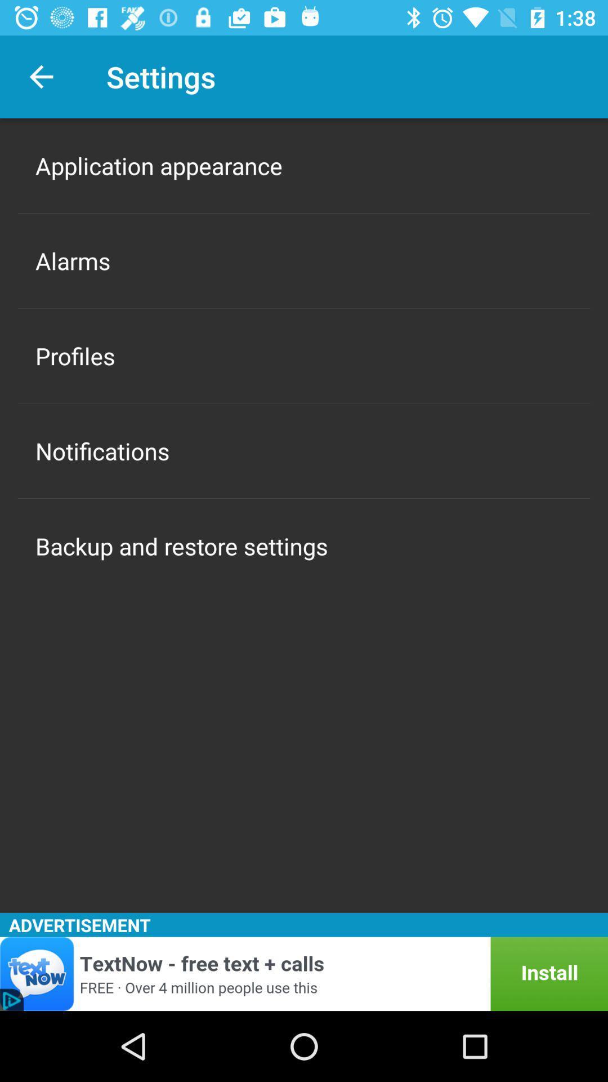 The image size is (608, 1082). I want to click on the item below advertisement icon, so click(304, 973).